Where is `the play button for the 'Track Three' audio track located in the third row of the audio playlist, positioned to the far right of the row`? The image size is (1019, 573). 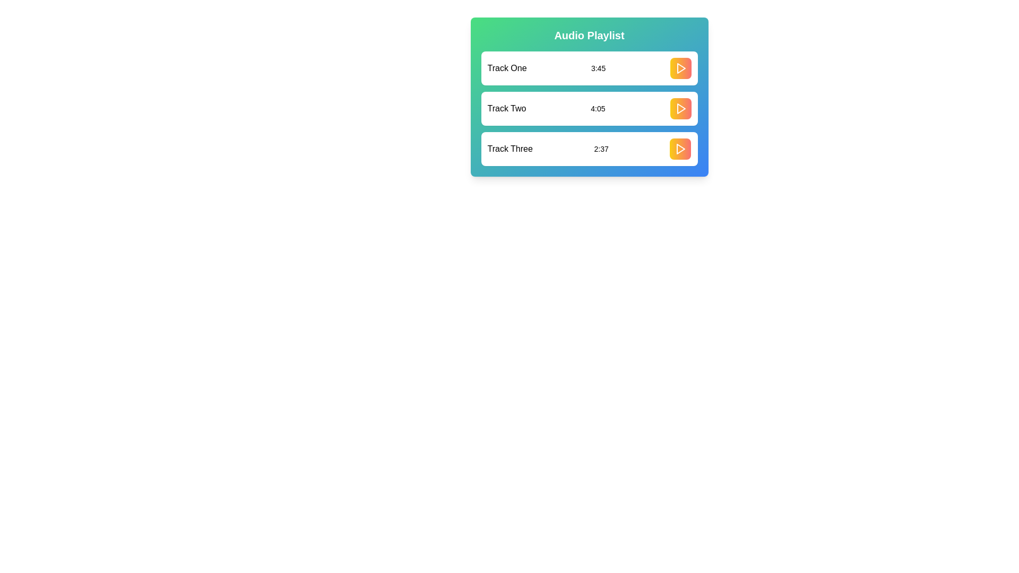
the play button for the 'Track Three' audio track located in the third row of the audio playlist, positioned to the far right of the row is located at coordinates (680, 149).